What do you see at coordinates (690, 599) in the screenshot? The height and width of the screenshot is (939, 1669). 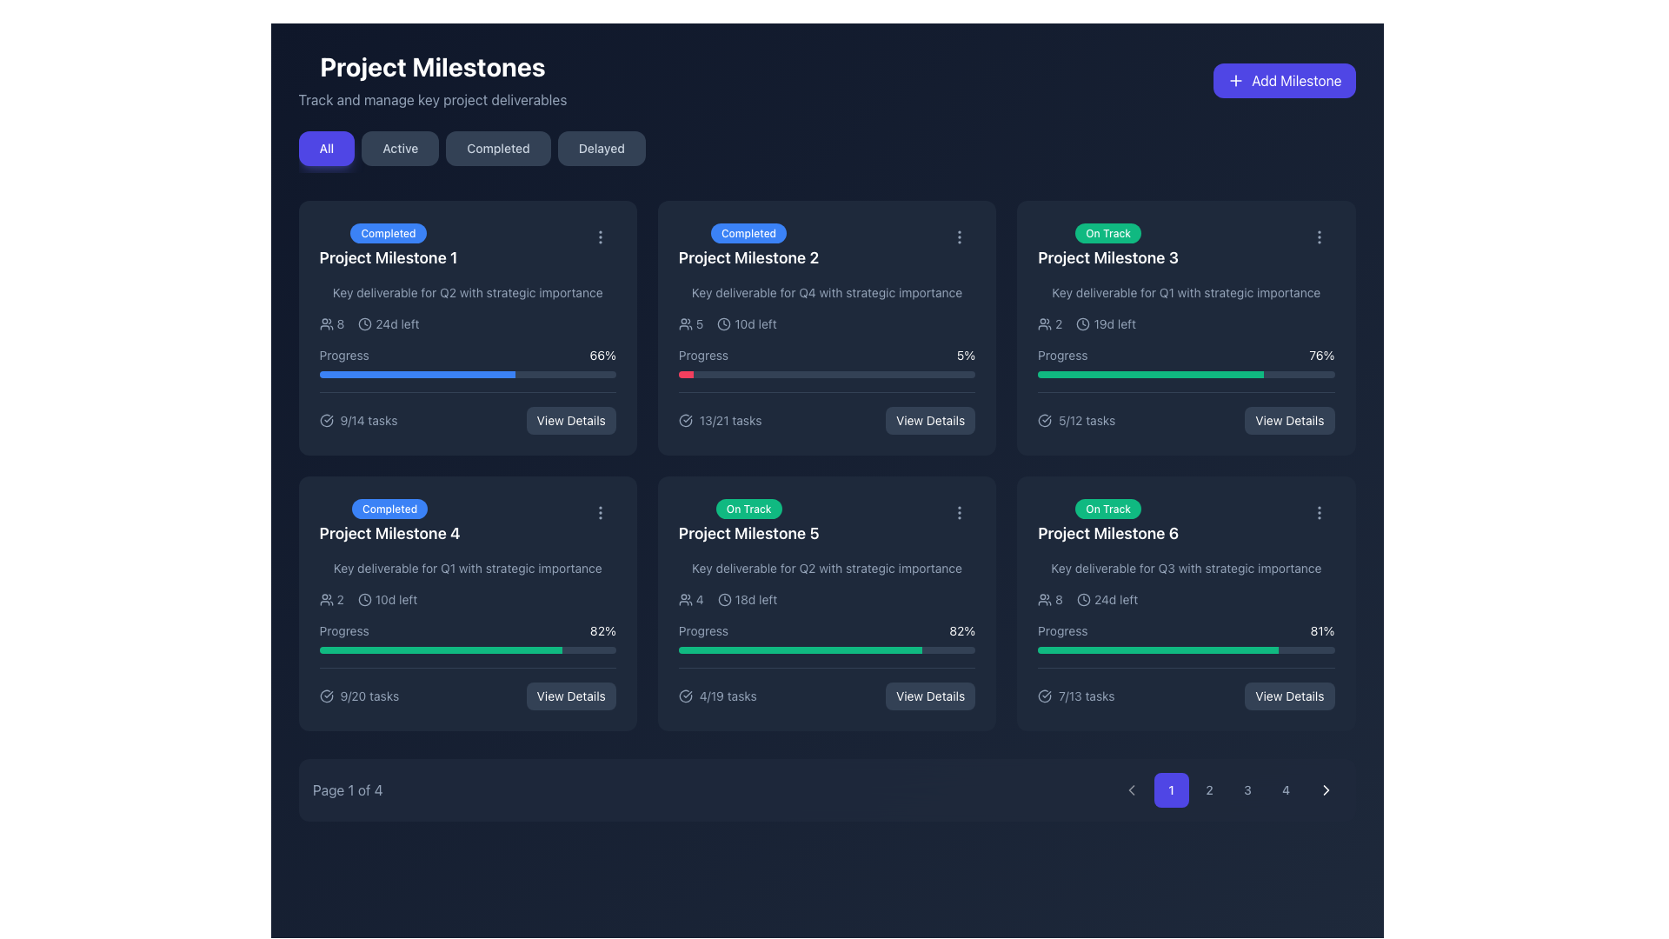 I see `displayed number '4' from the text label located at the top left of the 'Project Milestone 5' card, adjacent to the user icon` at bounding box center [690, 599].